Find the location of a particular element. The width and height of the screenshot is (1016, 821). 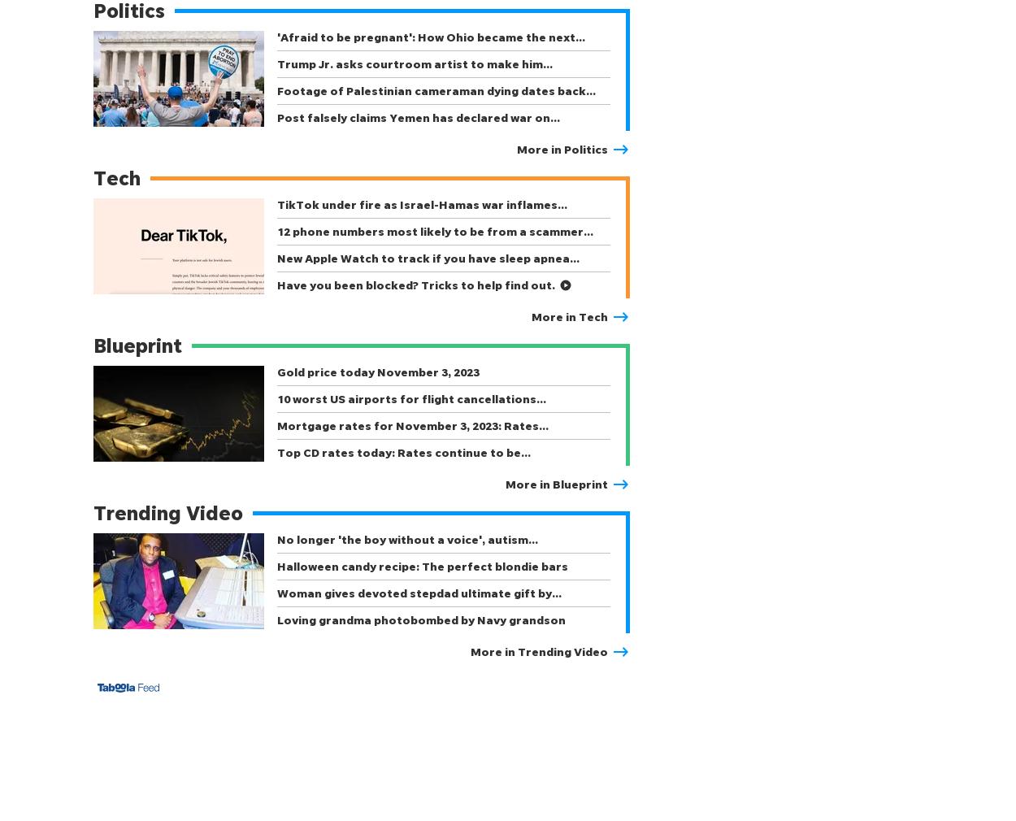

'Woman gives devoted stepdad ultimate gift by…' is located at coordinates (419, 592).